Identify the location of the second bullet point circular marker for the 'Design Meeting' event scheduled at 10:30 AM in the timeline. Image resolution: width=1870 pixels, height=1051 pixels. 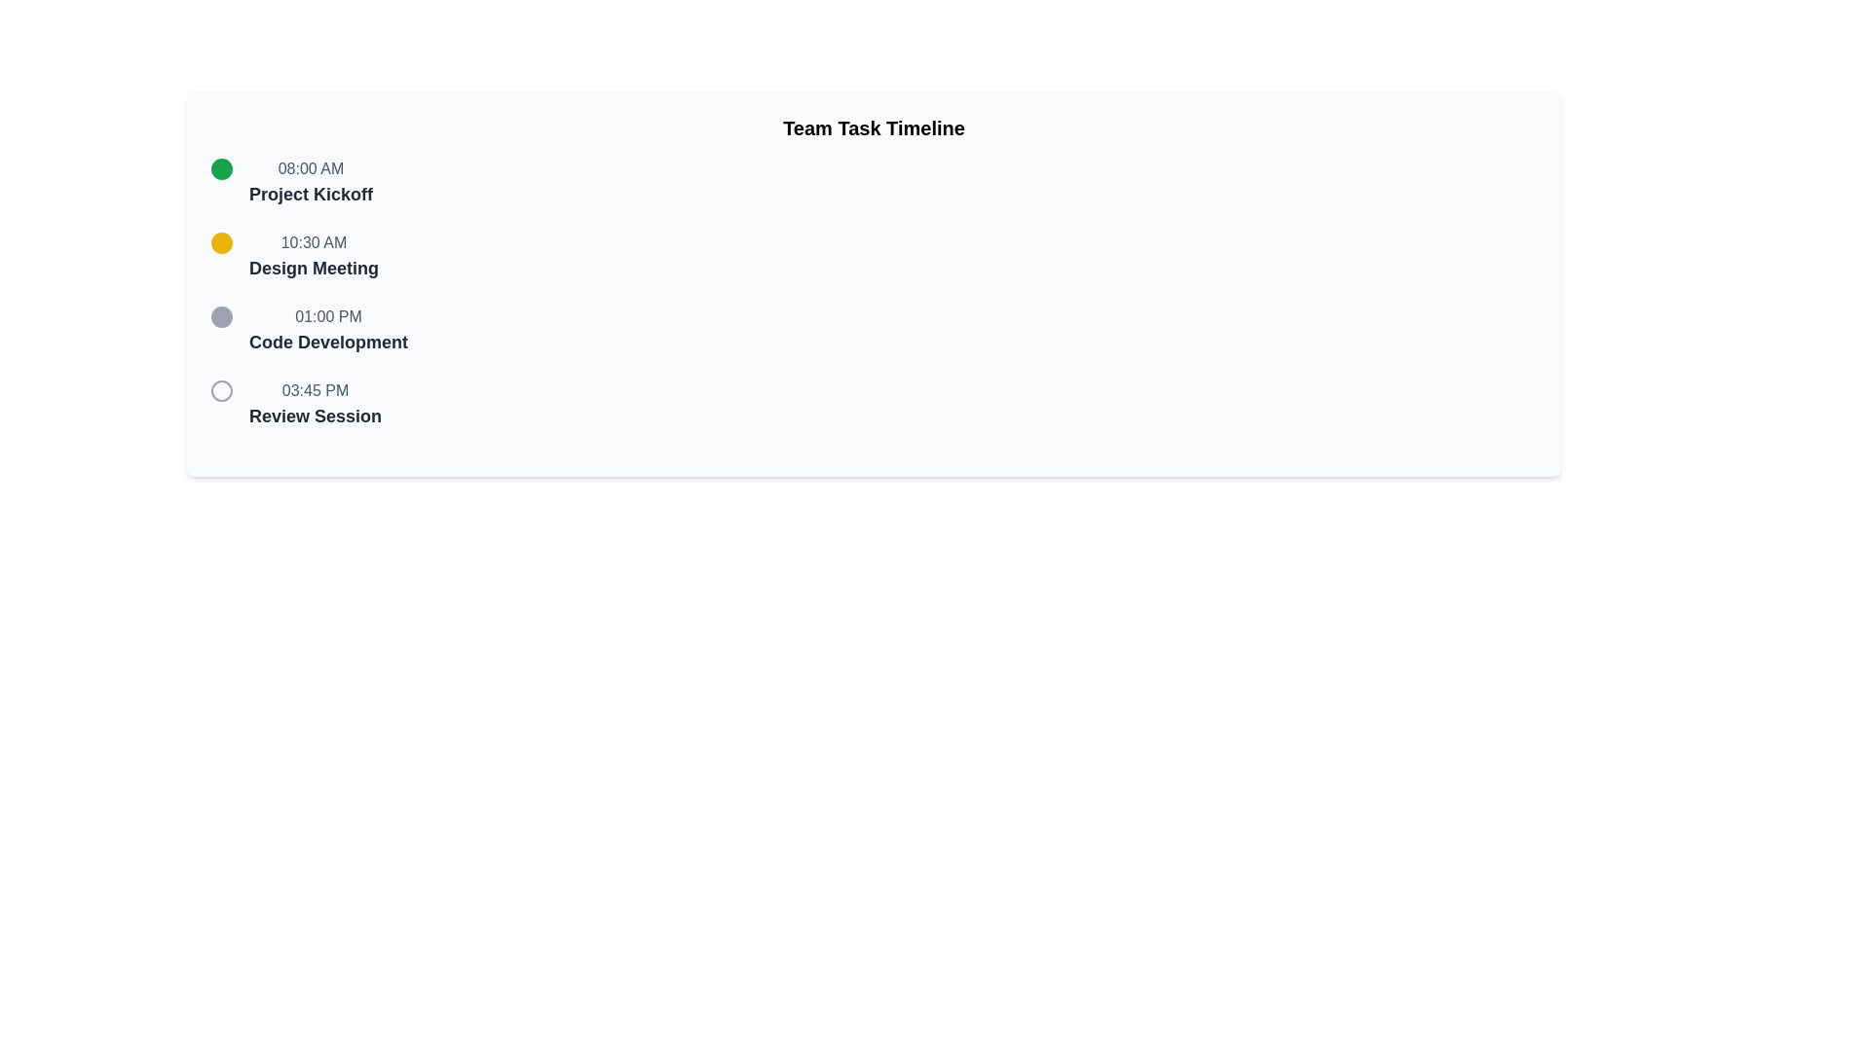
(221, 242).